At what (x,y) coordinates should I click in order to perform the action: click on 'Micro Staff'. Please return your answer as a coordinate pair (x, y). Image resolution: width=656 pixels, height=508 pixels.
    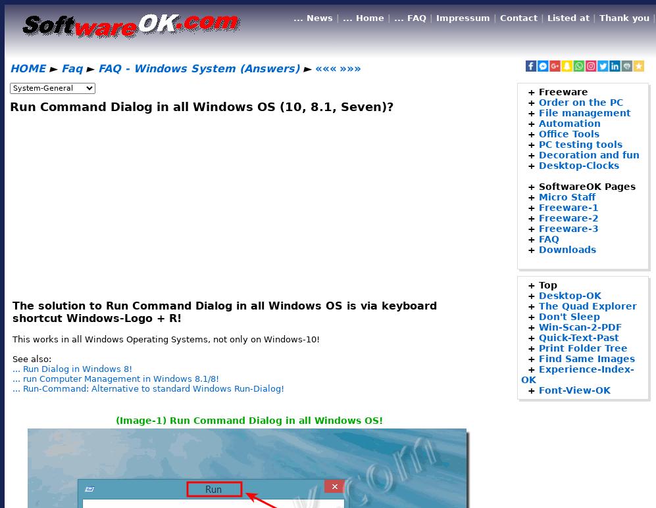
    Looking at the image, I should click on (539, 196).